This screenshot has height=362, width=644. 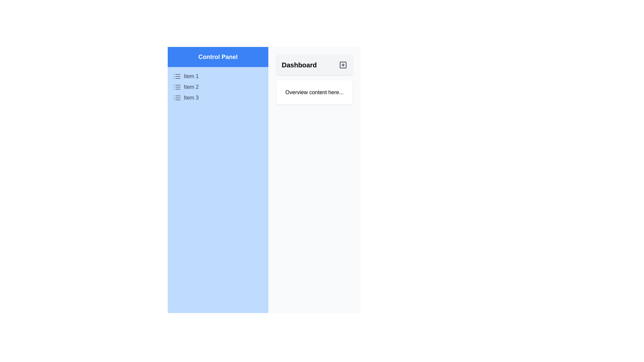 What do you see at coordinates (343, 65) in the screenshot?
I see `the Icon button (square with a plus sign) located to the right of the 'Dashboard' label to initiate the action` at bounding box center [343, 65].